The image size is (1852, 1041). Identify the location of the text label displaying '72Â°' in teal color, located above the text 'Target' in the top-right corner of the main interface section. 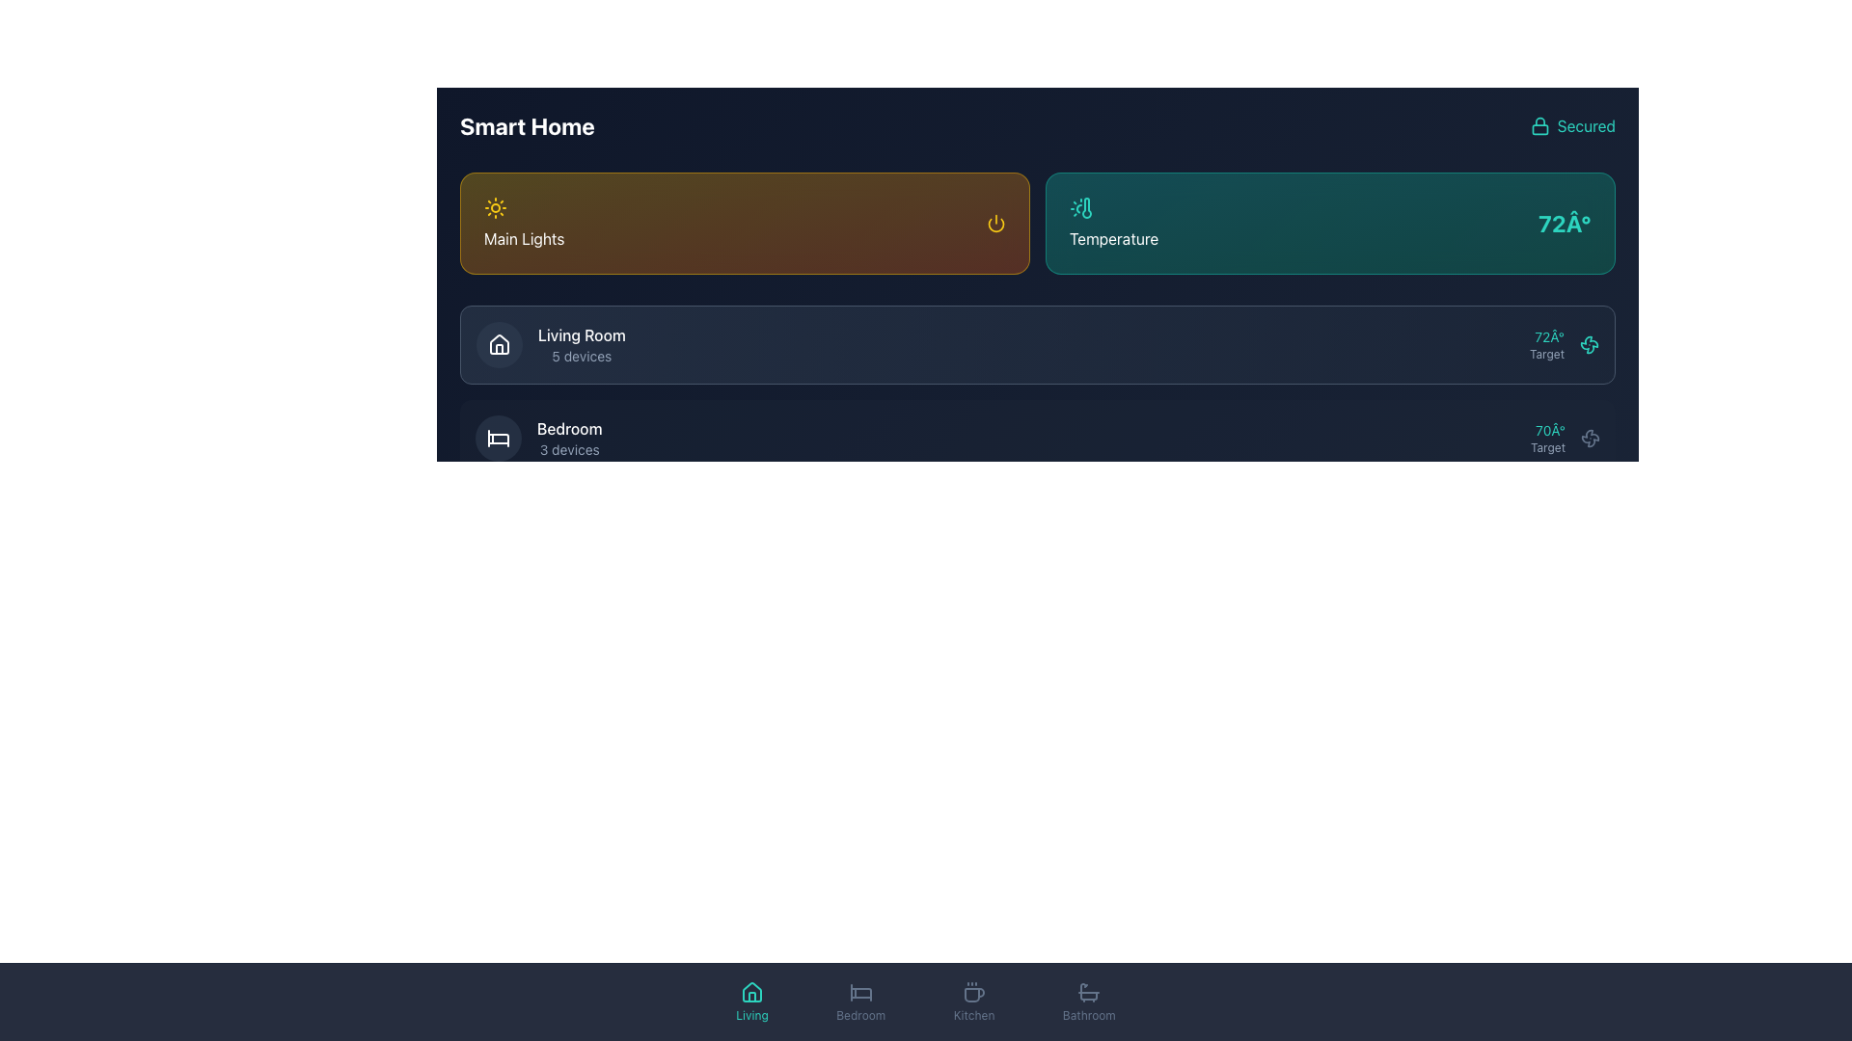
(1546, 336).